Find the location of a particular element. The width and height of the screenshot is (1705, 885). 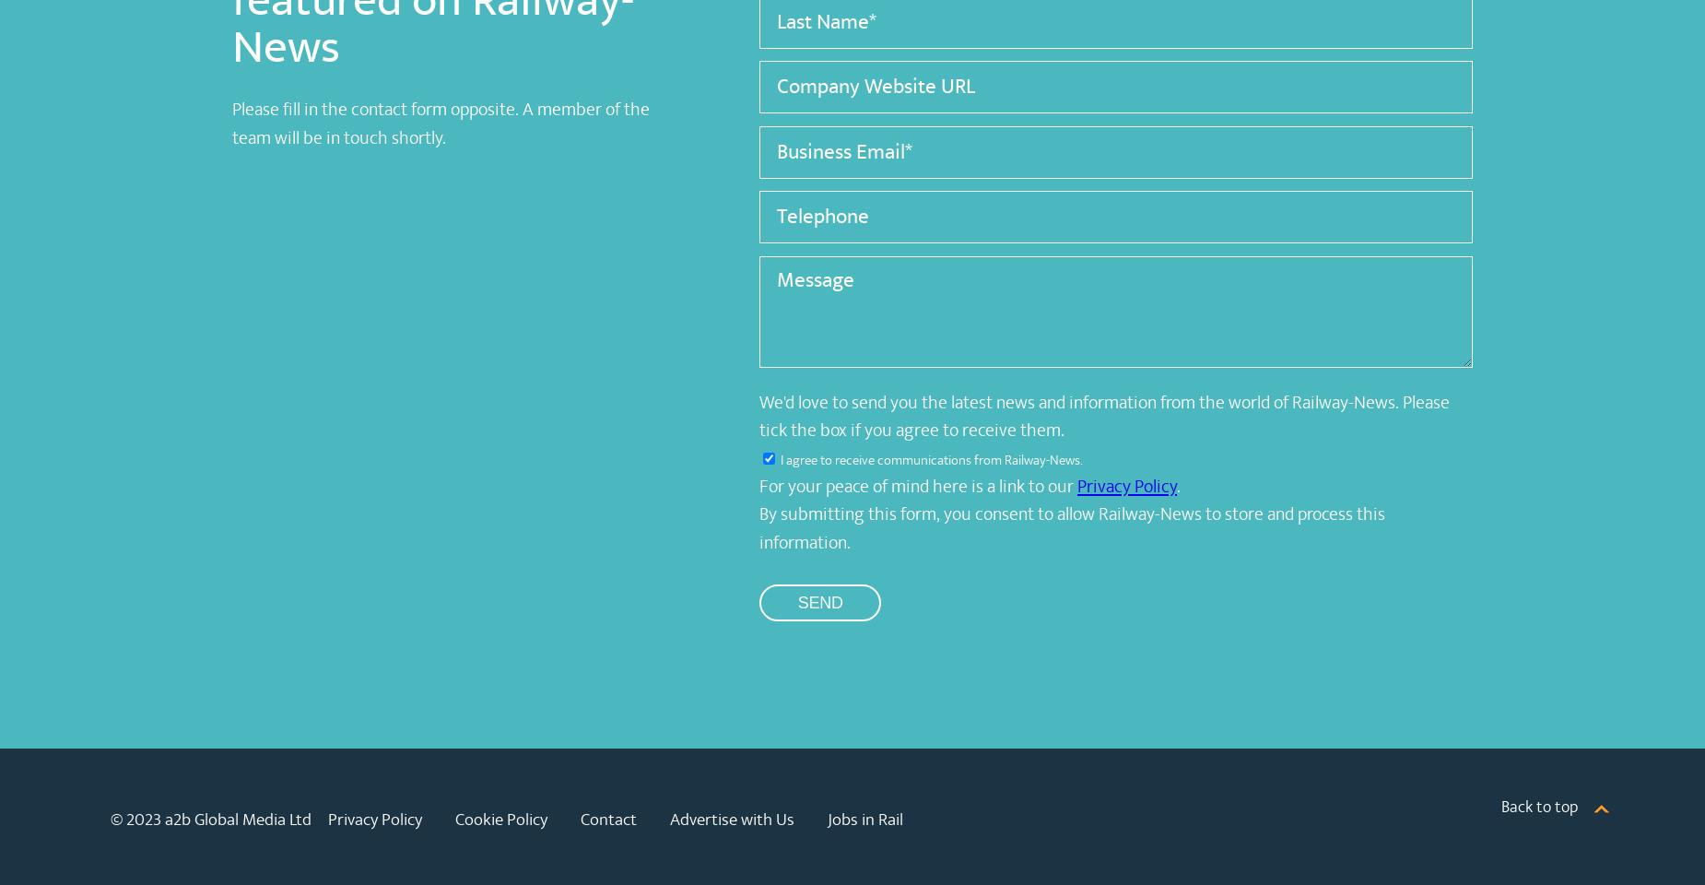

'© 2023 a2b Global Media Ltd' is located at coordinates (208, 818).